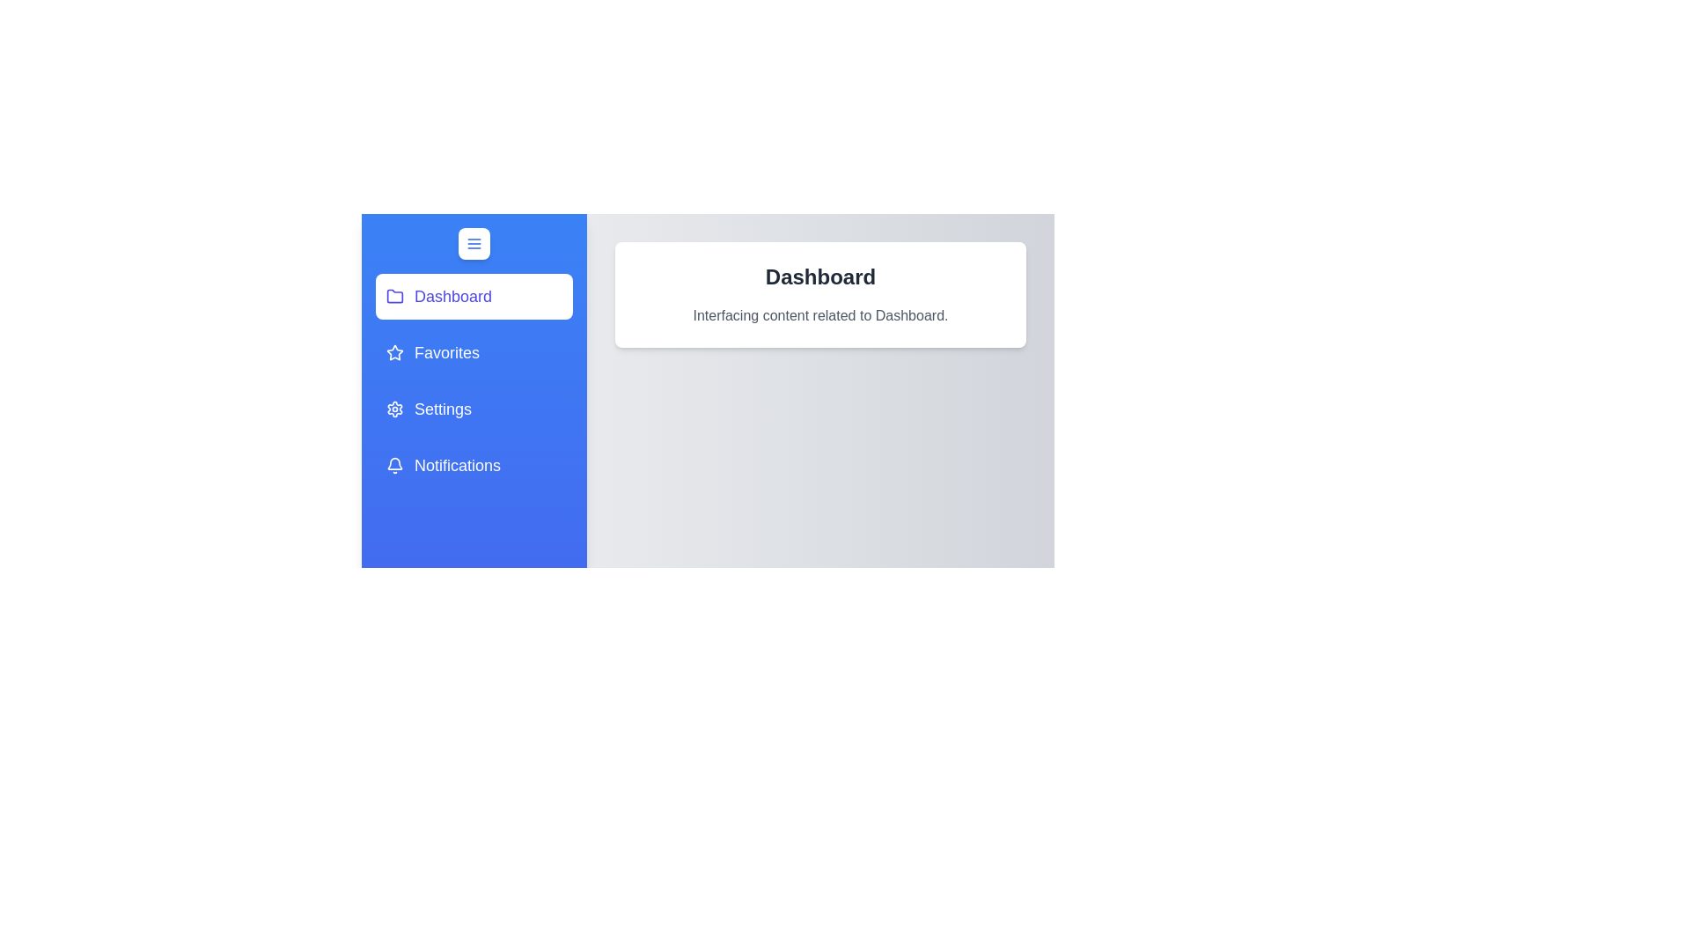  Describe the element at coordinates (474, 409) in the screenshot. I see `the menu item Settings from the drawer` at that location.